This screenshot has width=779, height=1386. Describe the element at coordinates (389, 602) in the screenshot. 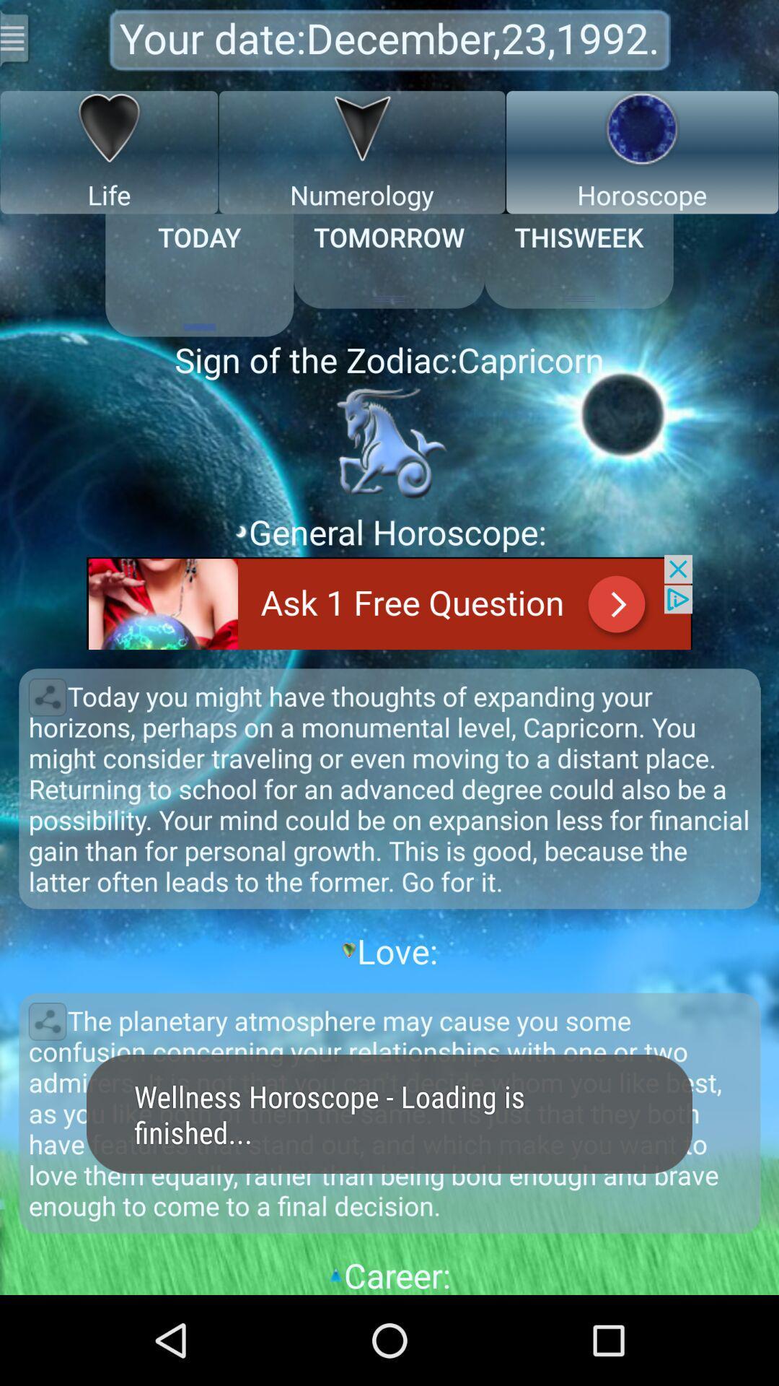

I see `advertisement` at that location.